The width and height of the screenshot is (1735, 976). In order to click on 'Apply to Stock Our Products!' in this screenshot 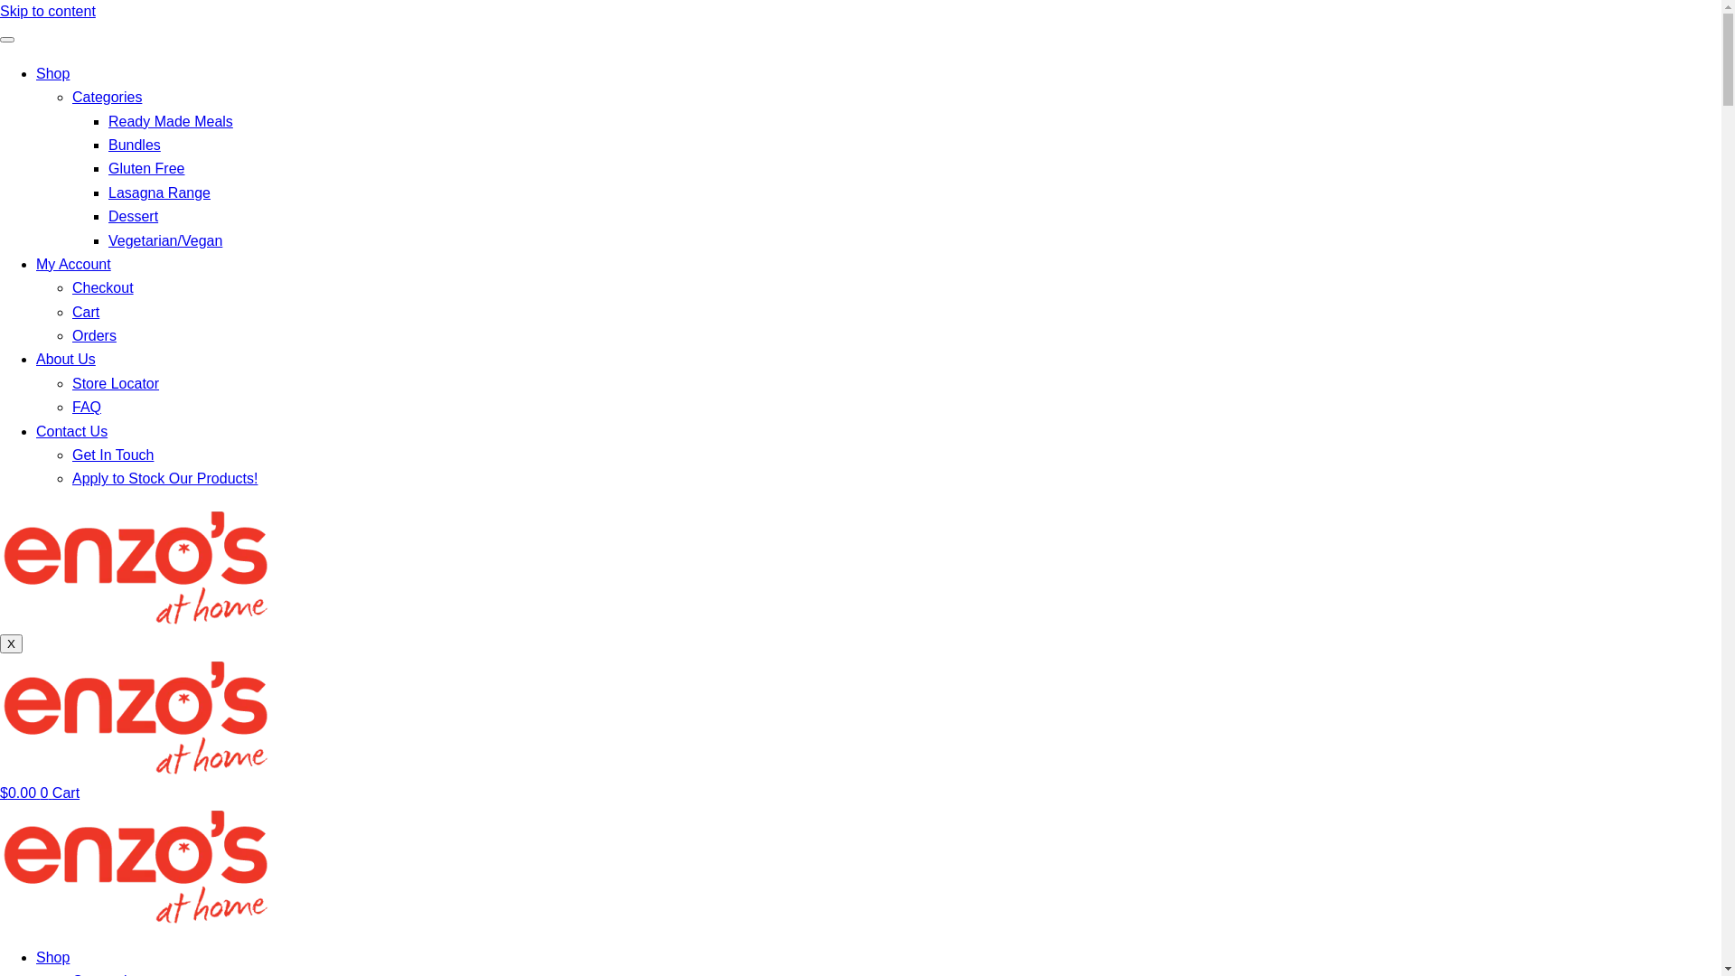, I will do `click(164, 477)`.